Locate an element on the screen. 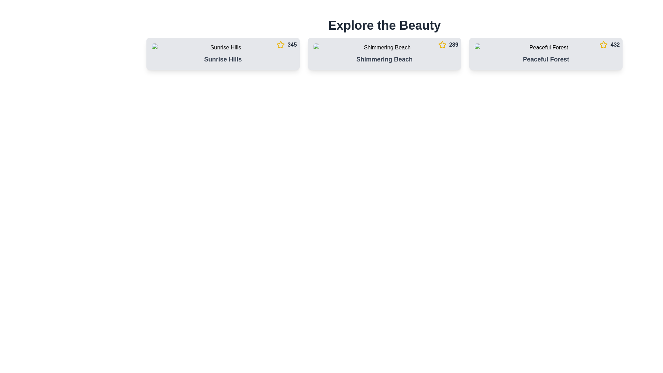 The image size is (663, 373). the star icon in the upper right corner of the 'Peaceful Forest' card is located at coordinates (603, 45).